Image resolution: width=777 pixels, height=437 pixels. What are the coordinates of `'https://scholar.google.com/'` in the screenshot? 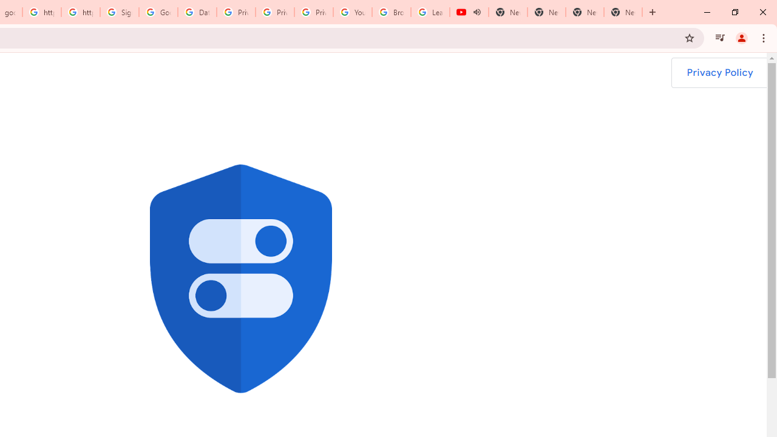 It's located at (42, 12).